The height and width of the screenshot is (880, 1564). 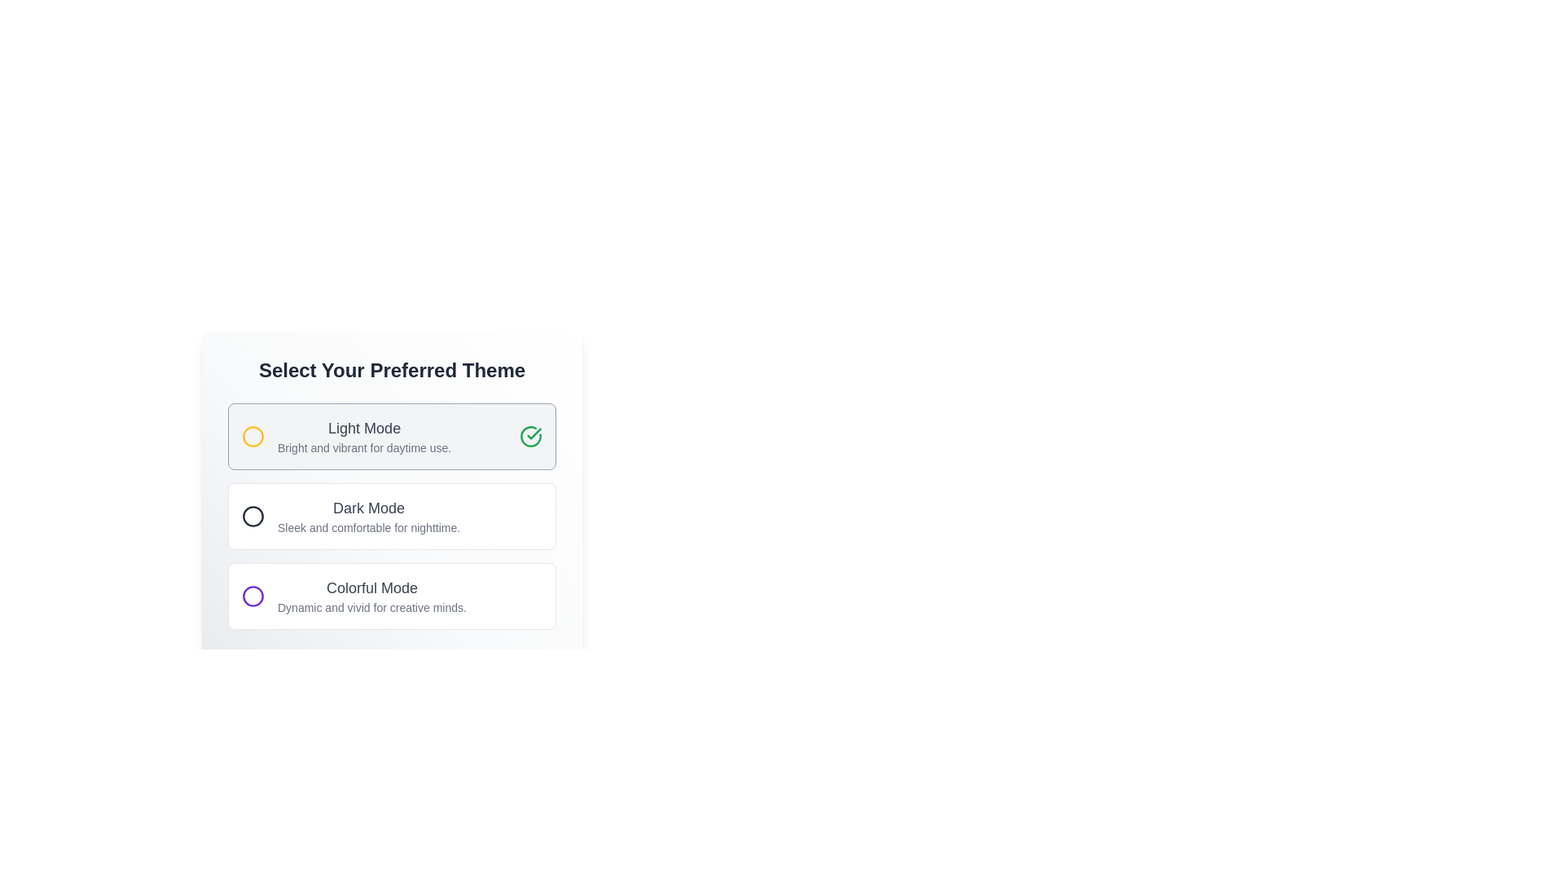 I want to click on the text description element titled 'Colorful Mode' with the subtitle 'Dynamic and vivid for creative minds.', so click(x=371, y=596).